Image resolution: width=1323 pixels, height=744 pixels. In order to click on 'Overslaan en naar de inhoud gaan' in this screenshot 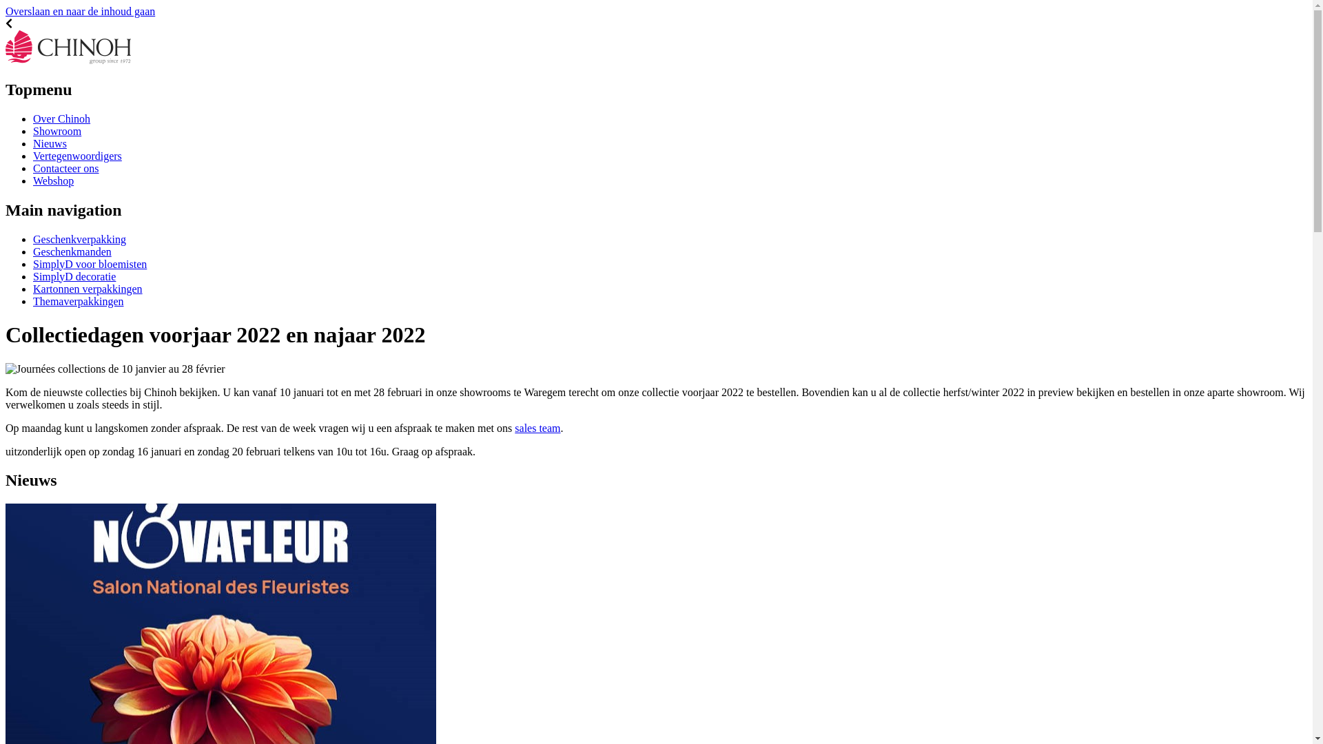, I will do `click(79, 11)`.